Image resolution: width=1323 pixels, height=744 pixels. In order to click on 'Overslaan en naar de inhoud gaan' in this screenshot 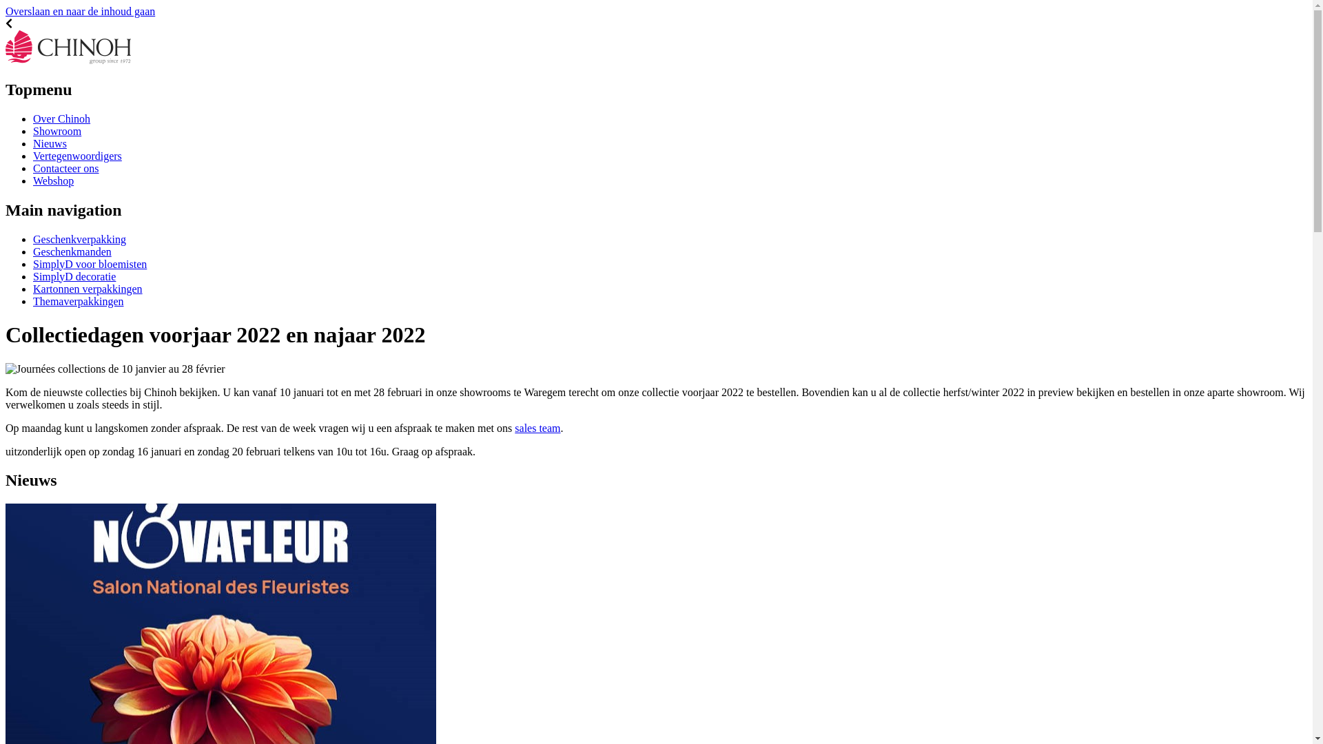, I will do `click(79, 11)`.